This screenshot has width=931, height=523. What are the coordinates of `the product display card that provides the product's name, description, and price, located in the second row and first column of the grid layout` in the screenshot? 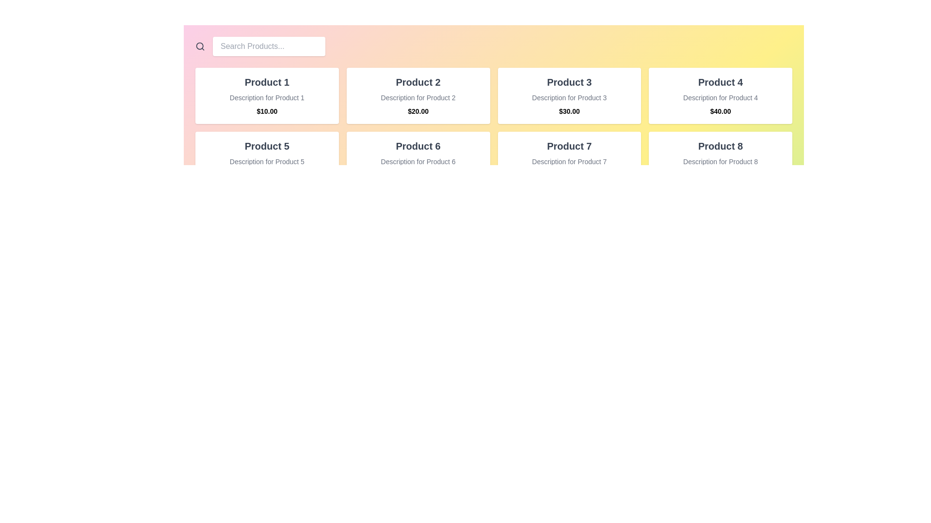 It's located at (267, 159).